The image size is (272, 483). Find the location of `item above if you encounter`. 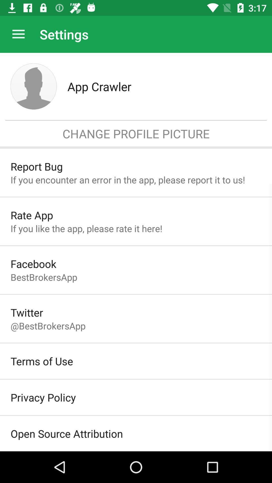

item above if you encounter is located at coordinates (36, 166).